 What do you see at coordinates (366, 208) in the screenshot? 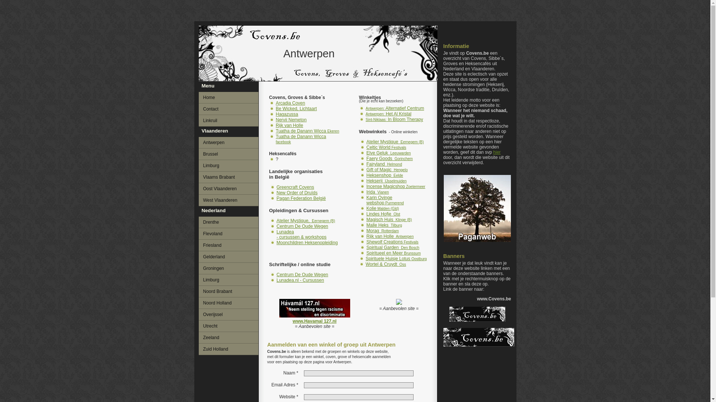
I see `'Kolie Malden (Gld)'` at bounding box center [366, 208].